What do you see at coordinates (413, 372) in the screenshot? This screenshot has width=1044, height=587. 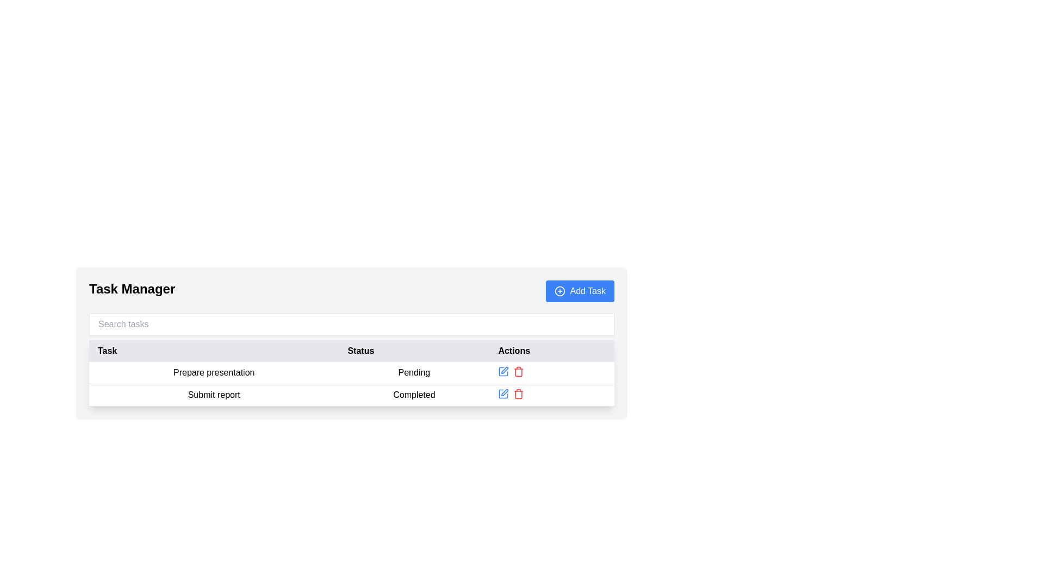 I see `the Text label that indicates the status of the task, specifically showing that it is pending, located in the second column under the 'Status' header and in the first row aligned with 'Prepare presentation'` at bounding box center [413, 372].